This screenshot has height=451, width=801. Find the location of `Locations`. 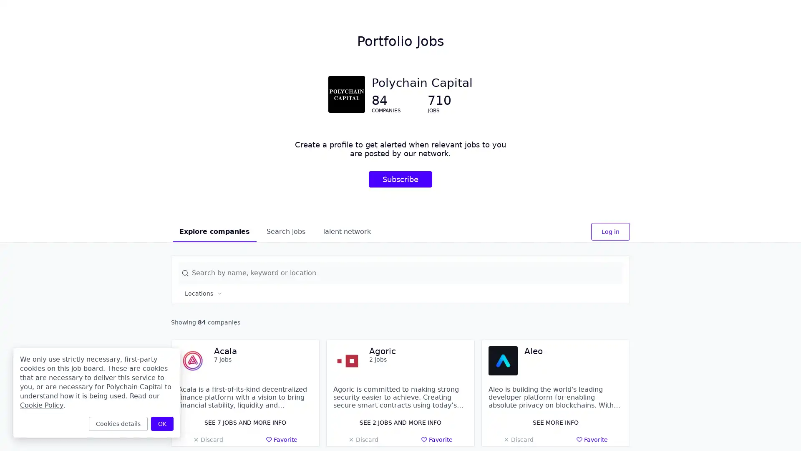

Locations is located at coordinates (204, 293).